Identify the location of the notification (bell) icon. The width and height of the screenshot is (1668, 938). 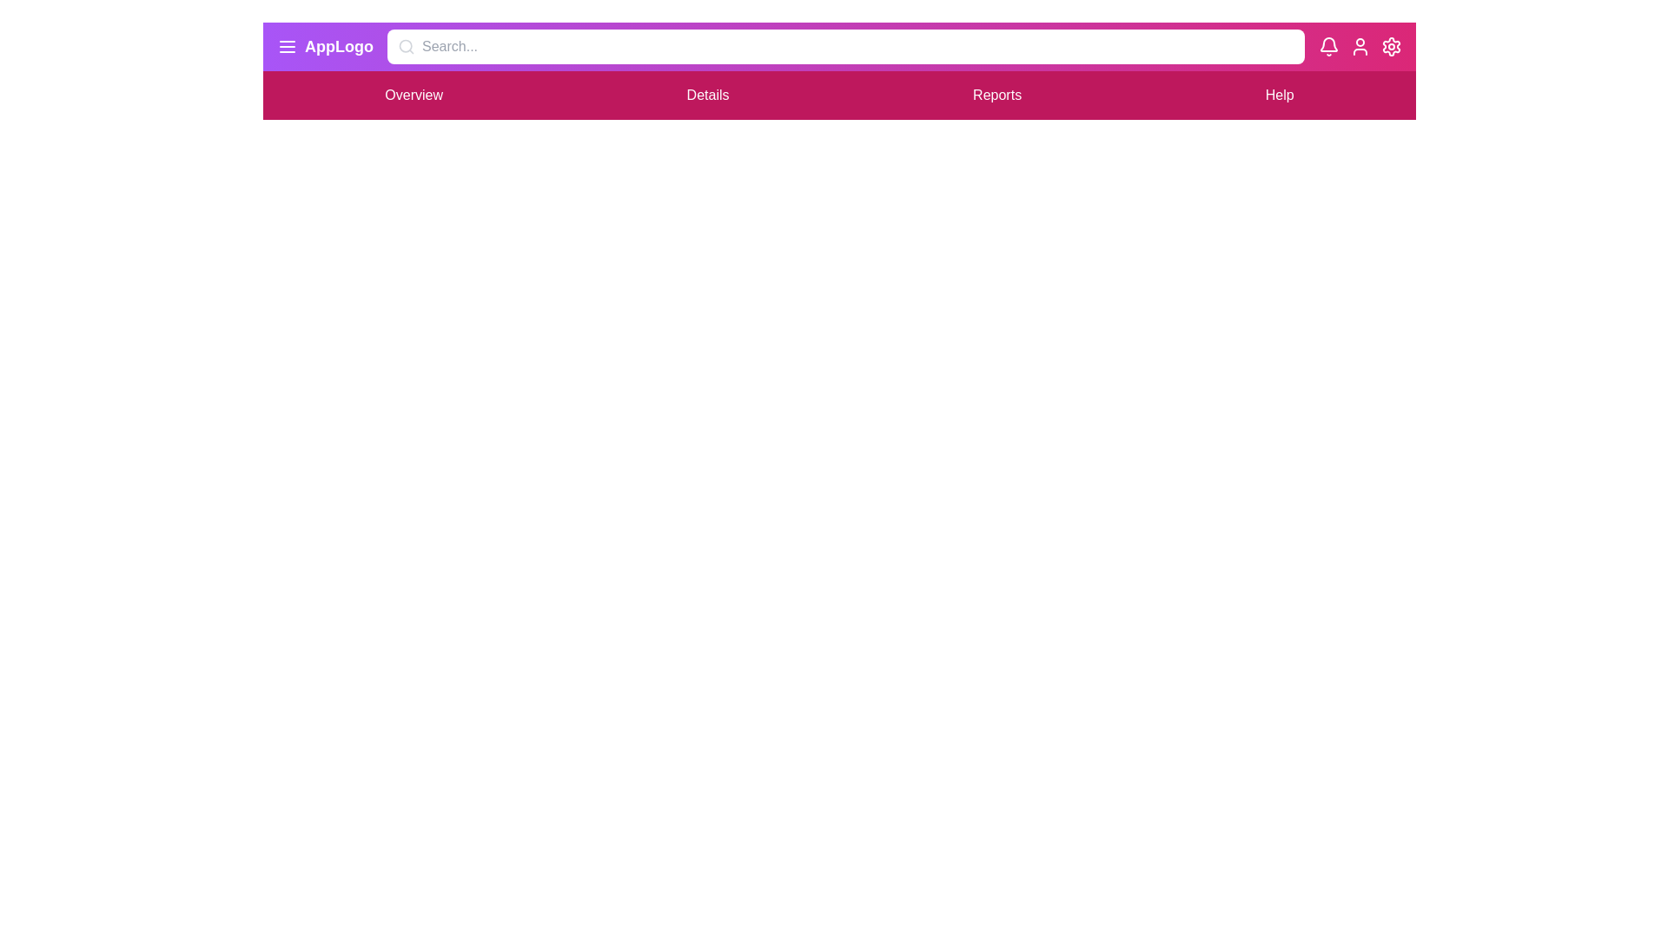
(1328, 46).